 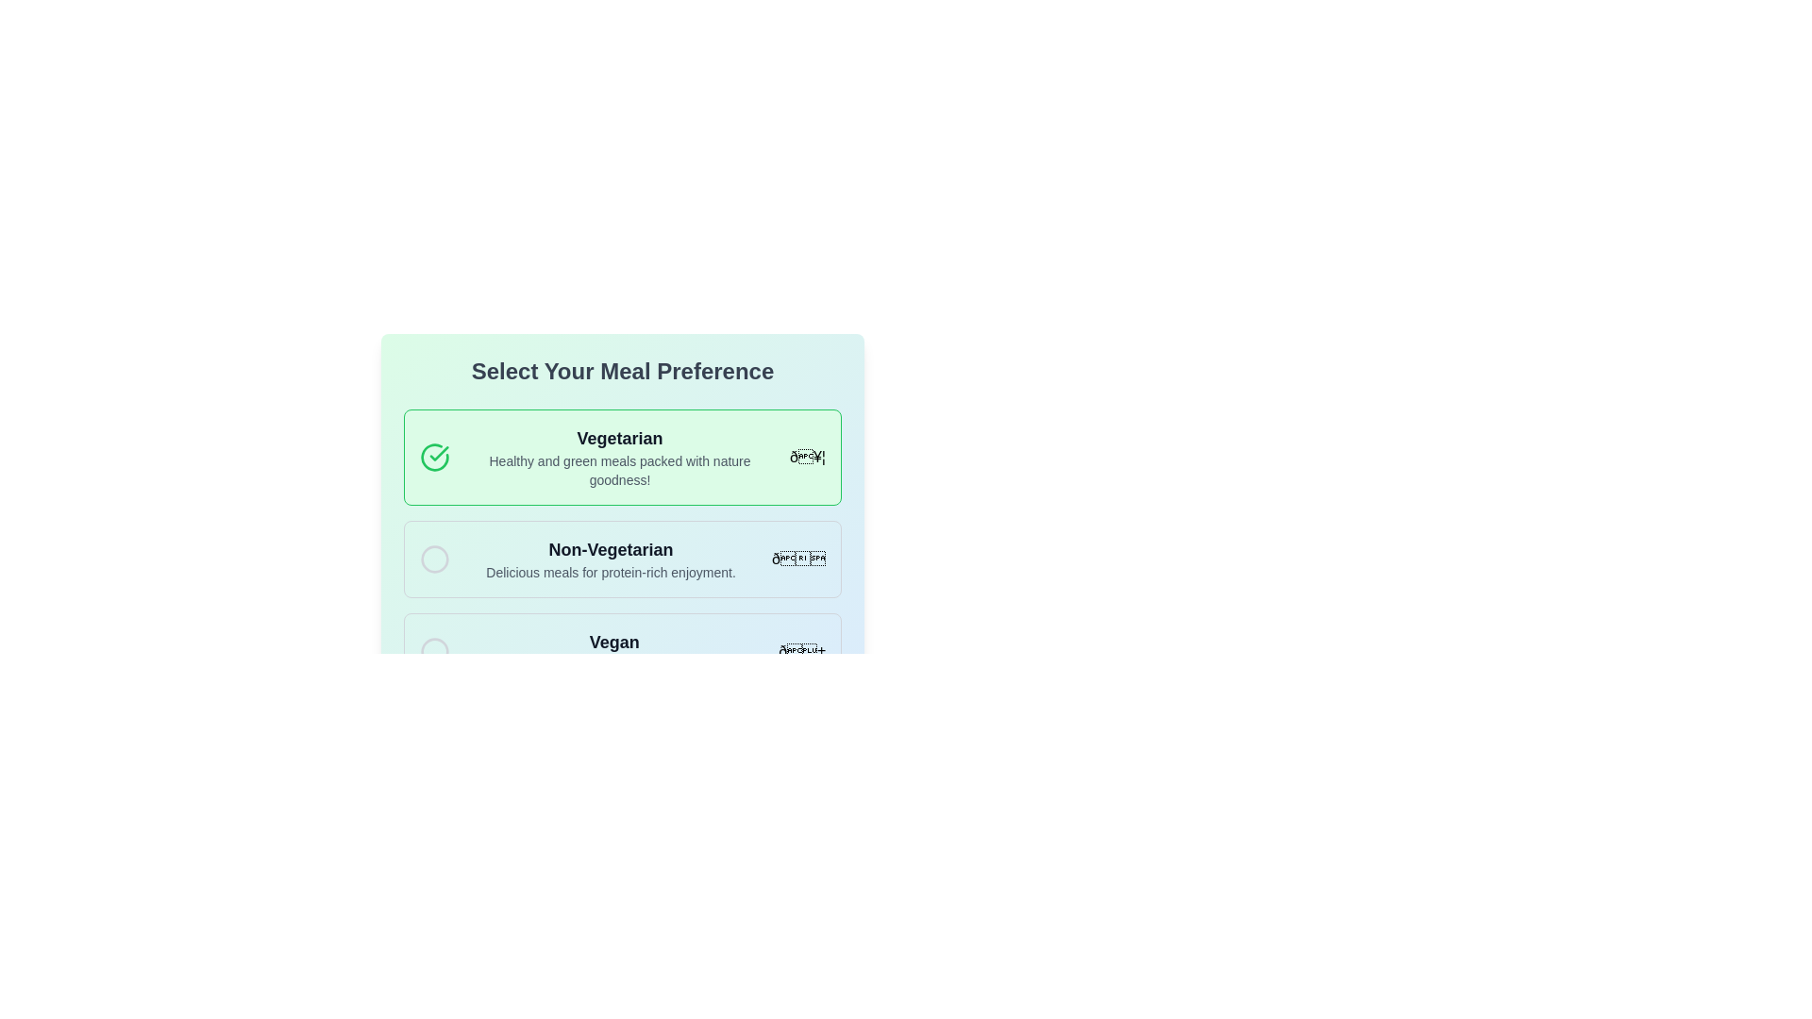 I want to click on the Text label that serves as the title for the meal preference option, which is located above the descriptive text for 'Plant-based meals for conscious eating' in the choice list under 'Select Your Meal Preference.', so click(x=614, y=642).